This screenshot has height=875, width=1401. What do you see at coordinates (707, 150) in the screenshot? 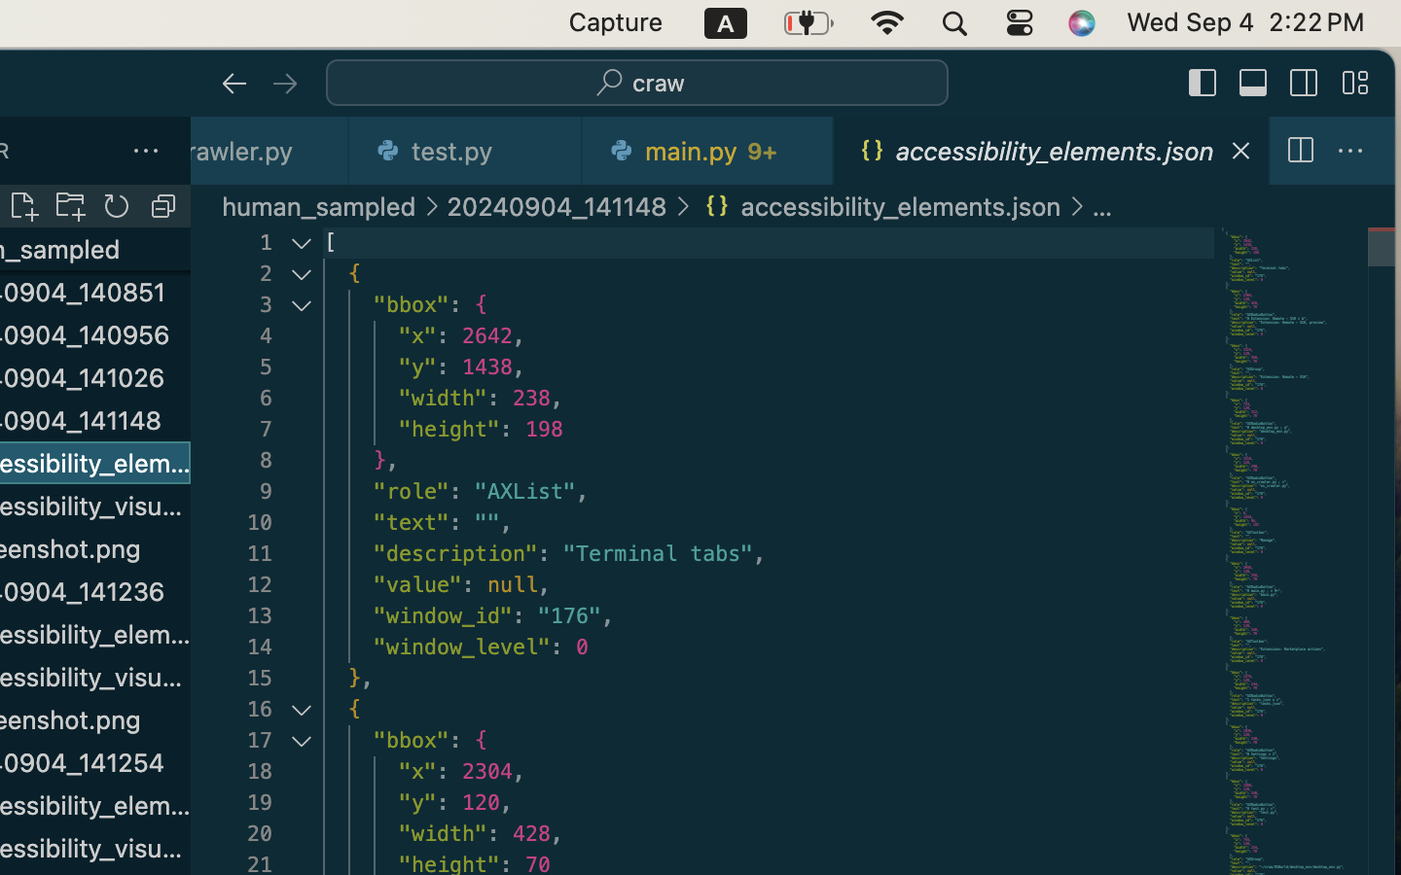
I see `'0 main.py   9+'` at bounding box center [707, 150].